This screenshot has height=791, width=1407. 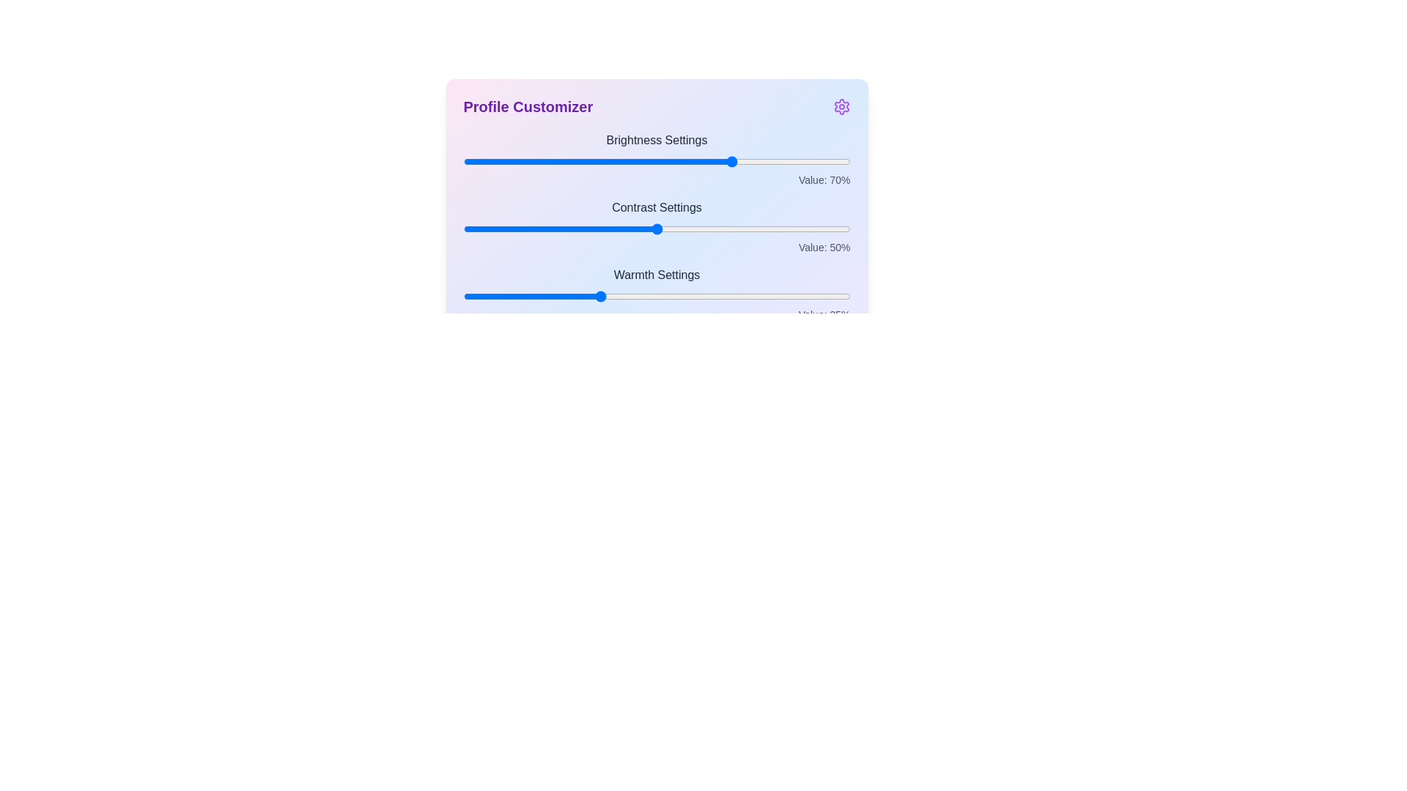 What do you see at coordinates (517, 229) in the screenshot?
I see `the 1 slider to 14%` at bounding box center [517, 229].